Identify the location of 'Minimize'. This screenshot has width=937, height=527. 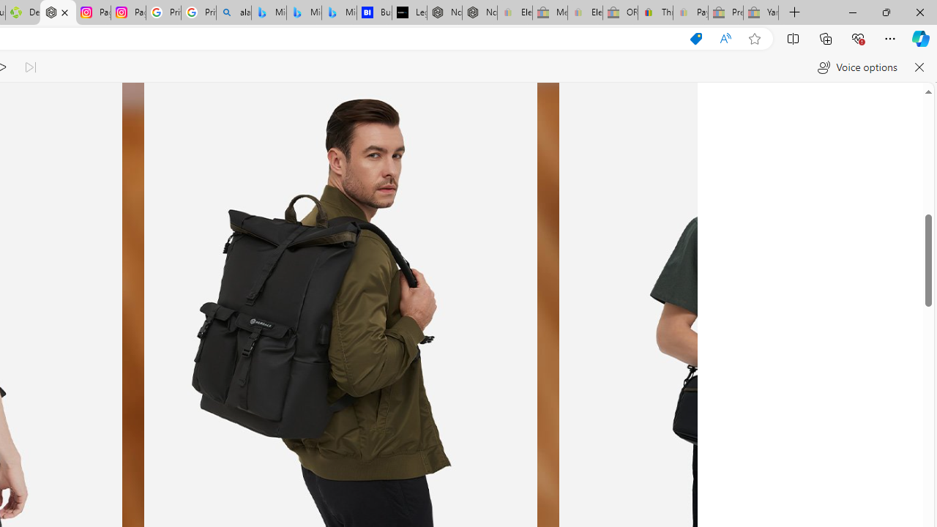
(852, 12).